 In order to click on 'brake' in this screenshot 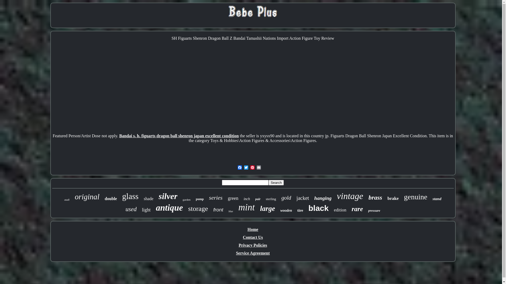, I will do `click(393, 199)`.